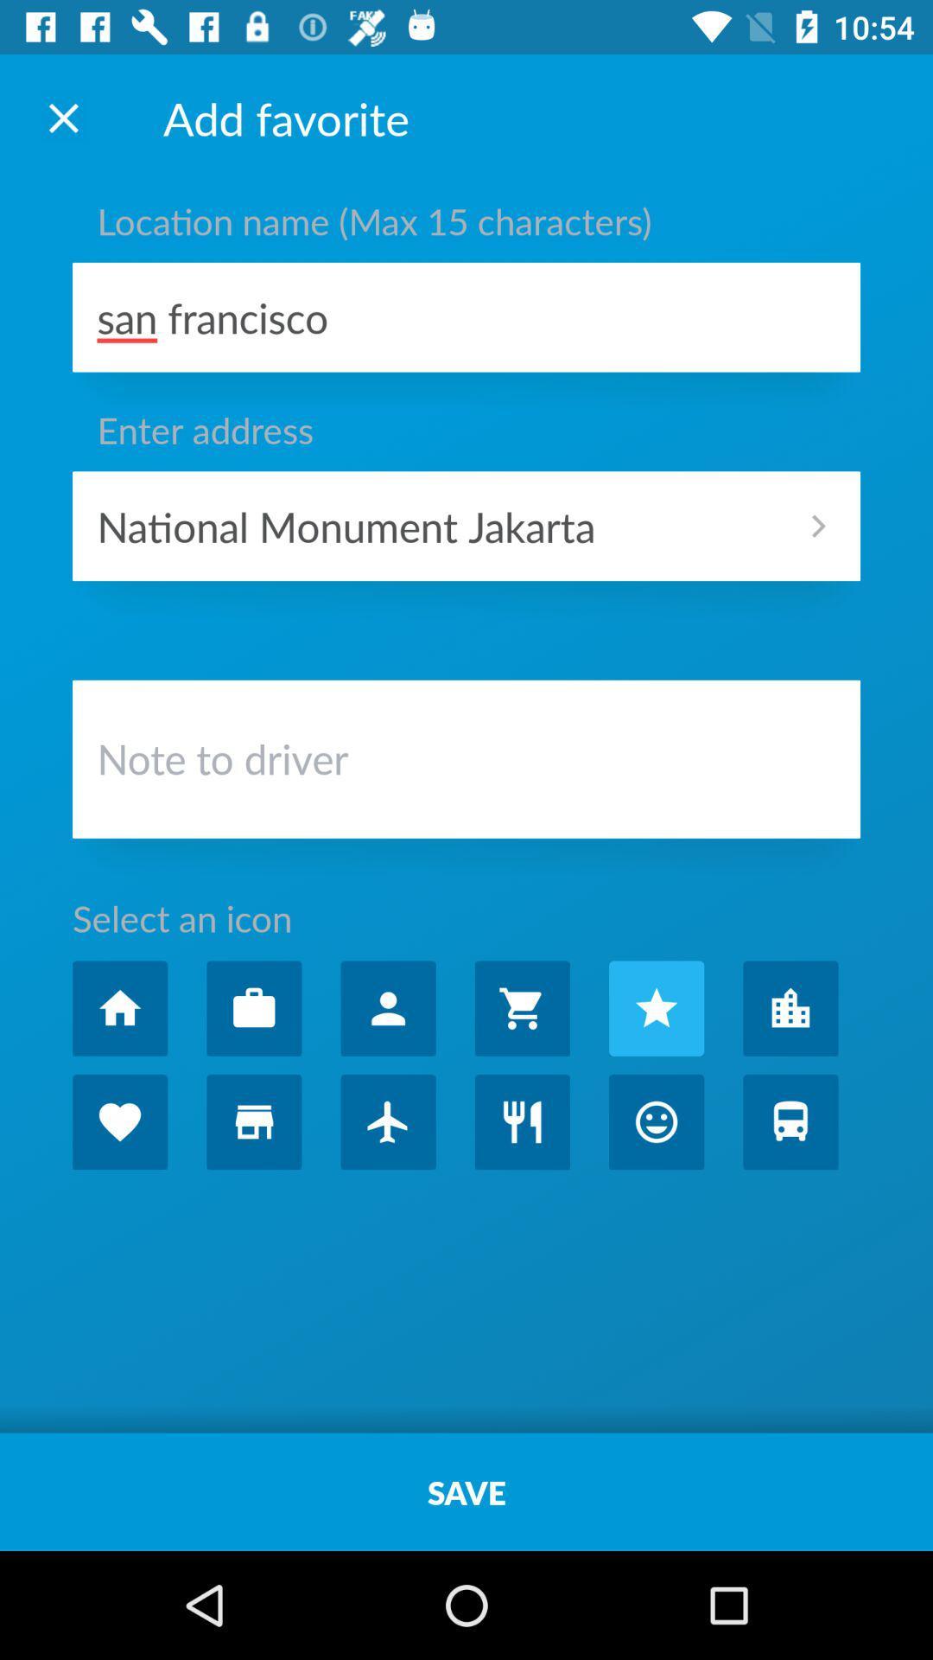  Describe the element at coordinates (119, 1121) in the screenshot. I see `like button` at that location.